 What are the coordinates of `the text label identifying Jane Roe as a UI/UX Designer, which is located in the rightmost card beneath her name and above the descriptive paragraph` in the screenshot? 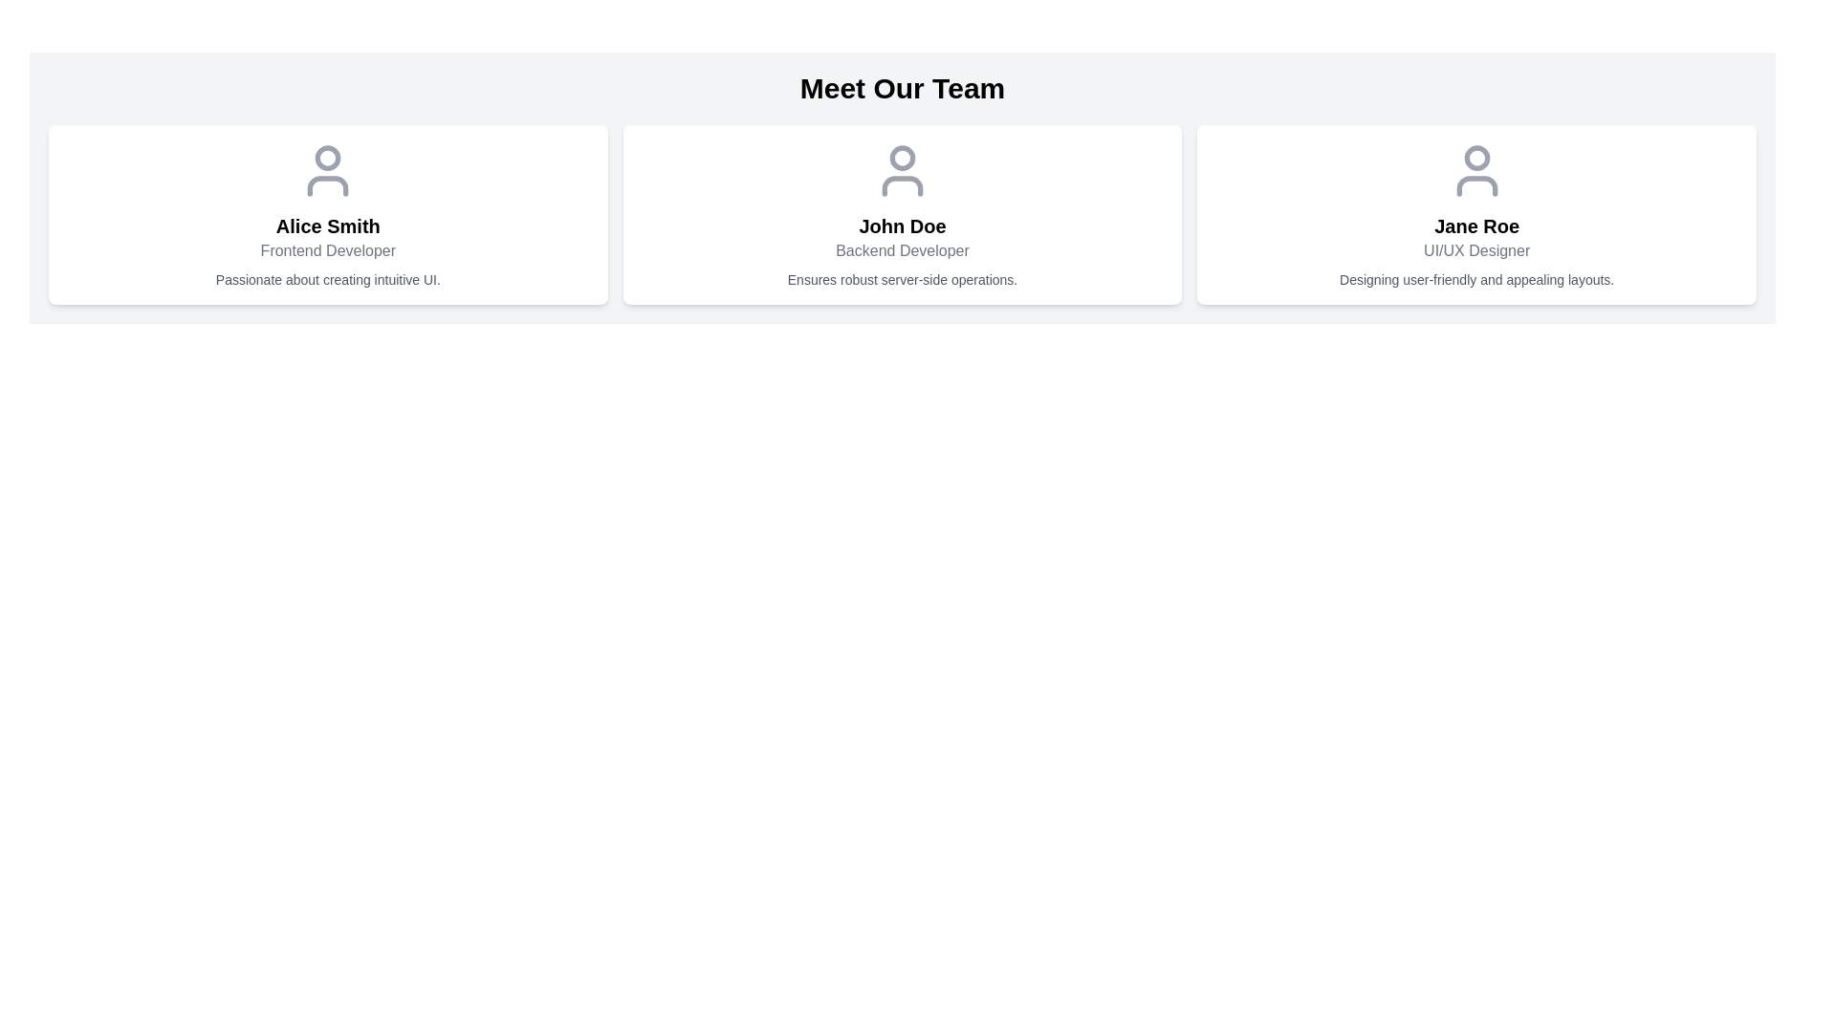 It's located at (1475, 249).